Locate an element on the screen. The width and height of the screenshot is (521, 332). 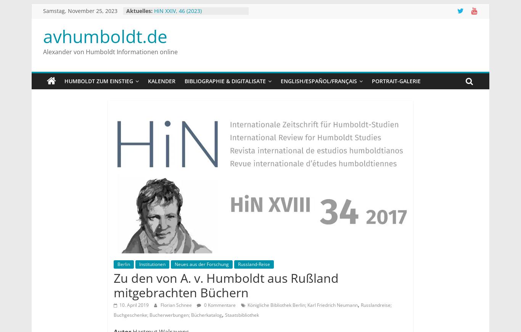
'0 Kommentare' is located at coordinates (219, 305).